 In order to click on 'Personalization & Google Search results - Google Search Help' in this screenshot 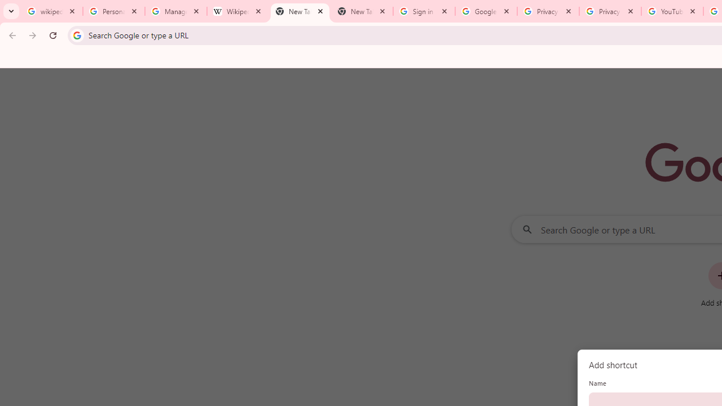, I will do `click(114, 11)`.